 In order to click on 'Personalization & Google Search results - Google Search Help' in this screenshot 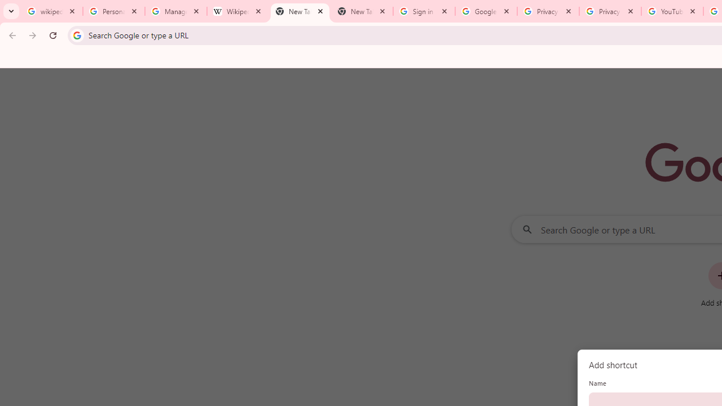, I will do `click(114, 11)`.